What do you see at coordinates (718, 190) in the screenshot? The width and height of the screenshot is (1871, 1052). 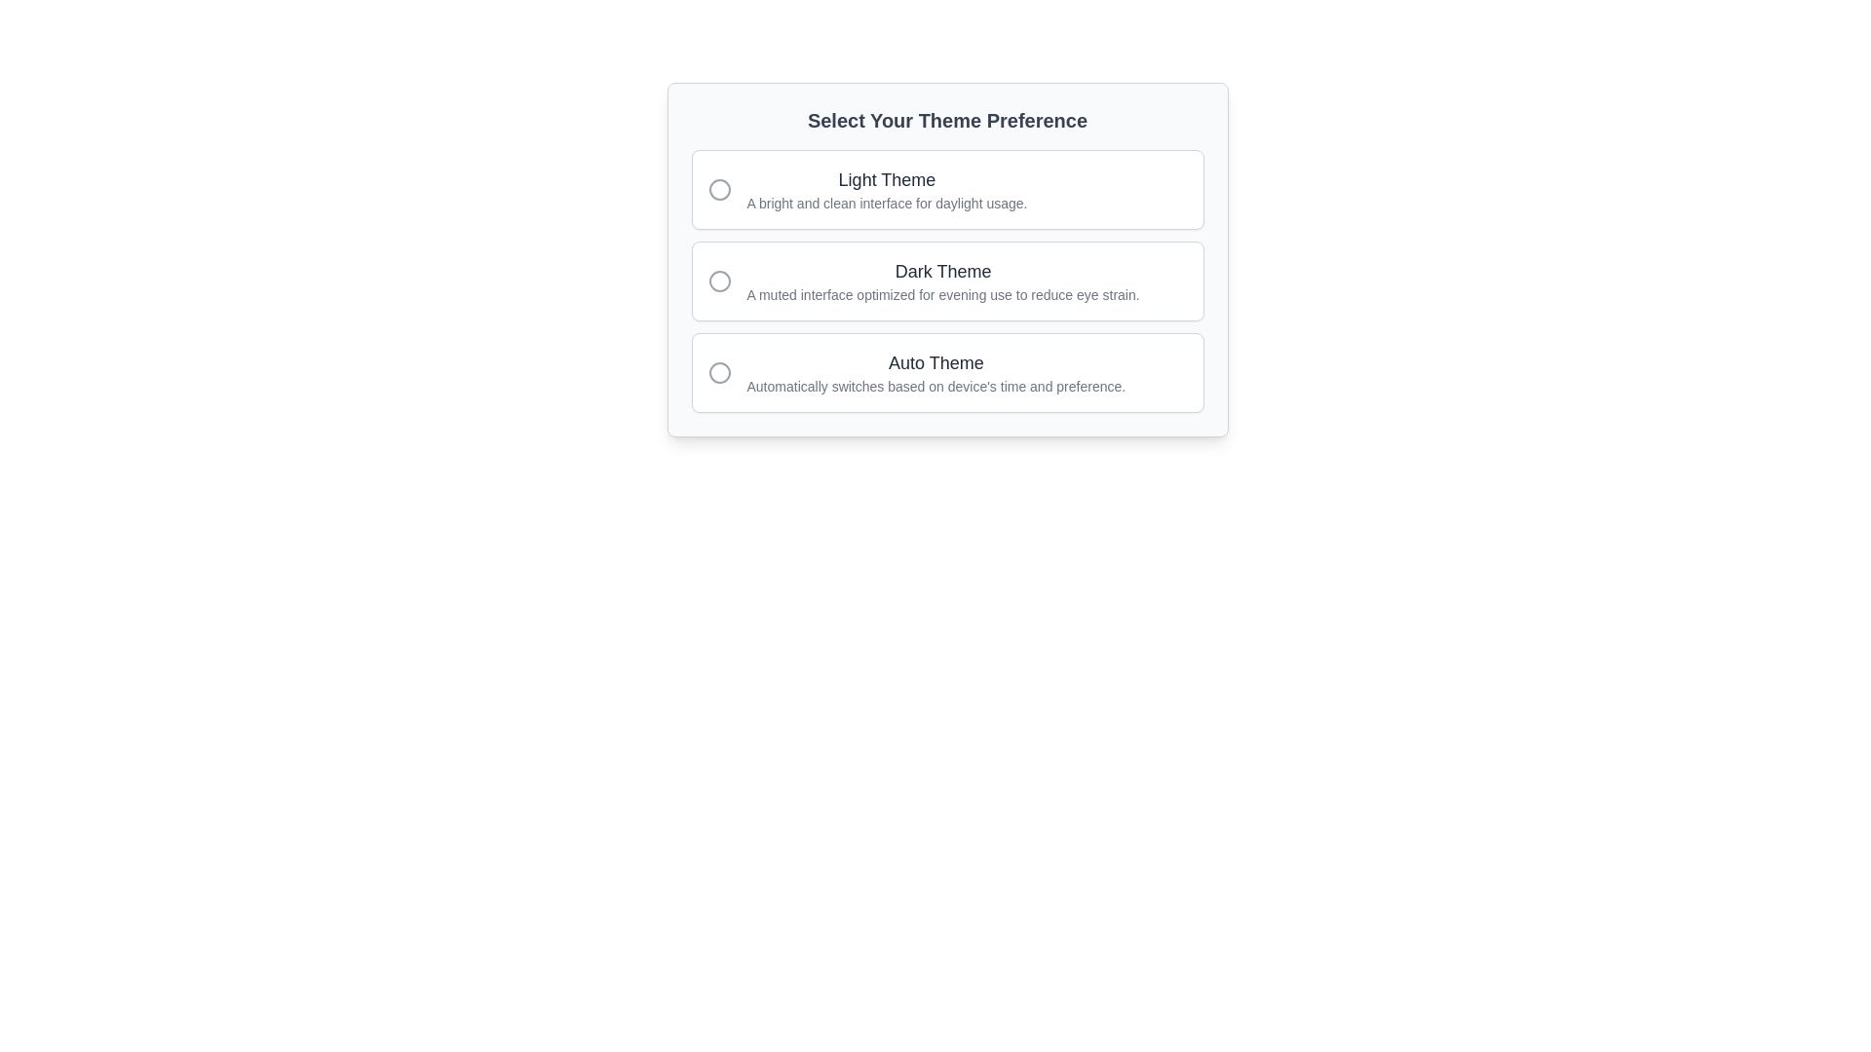 I see `the Radio button indicator for the 'Light Theme' option, which indicates the selection status of the theme` at bounding box center [718, 190].